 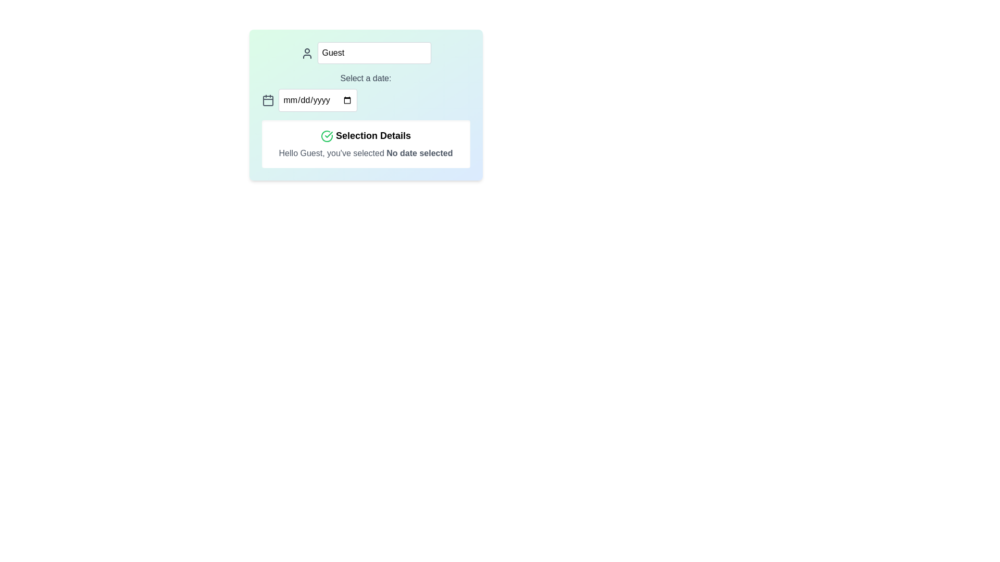 What do you see at coordinates (419, 153) in the screenshot?
I see `the Text Label displaying 'No date selected', which is styled in a medium-dark gray sans-serif font and is part of the sentence 'Hello Guest, you've selected No date selected.'` at bounding box center [419, 153].